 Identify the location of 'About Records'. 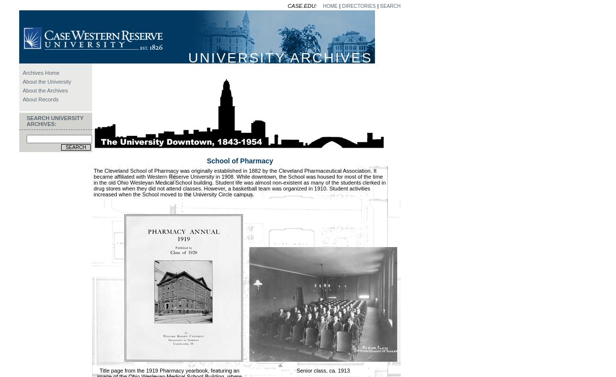
(40, 99).